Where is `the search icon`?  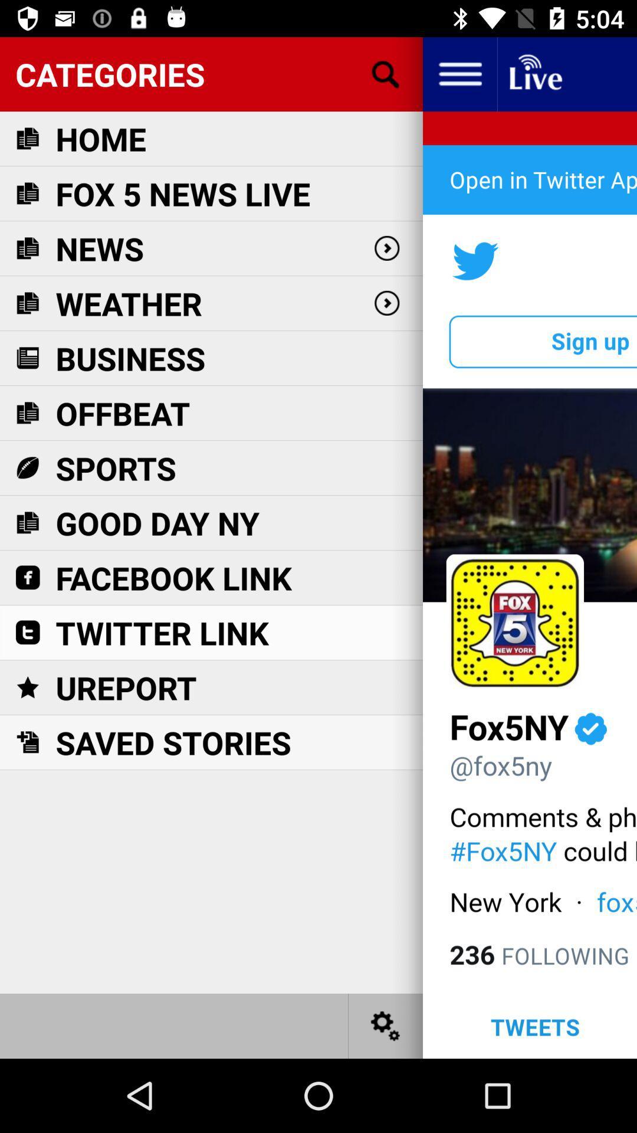 the search icon is located at coordinates (386, 73).